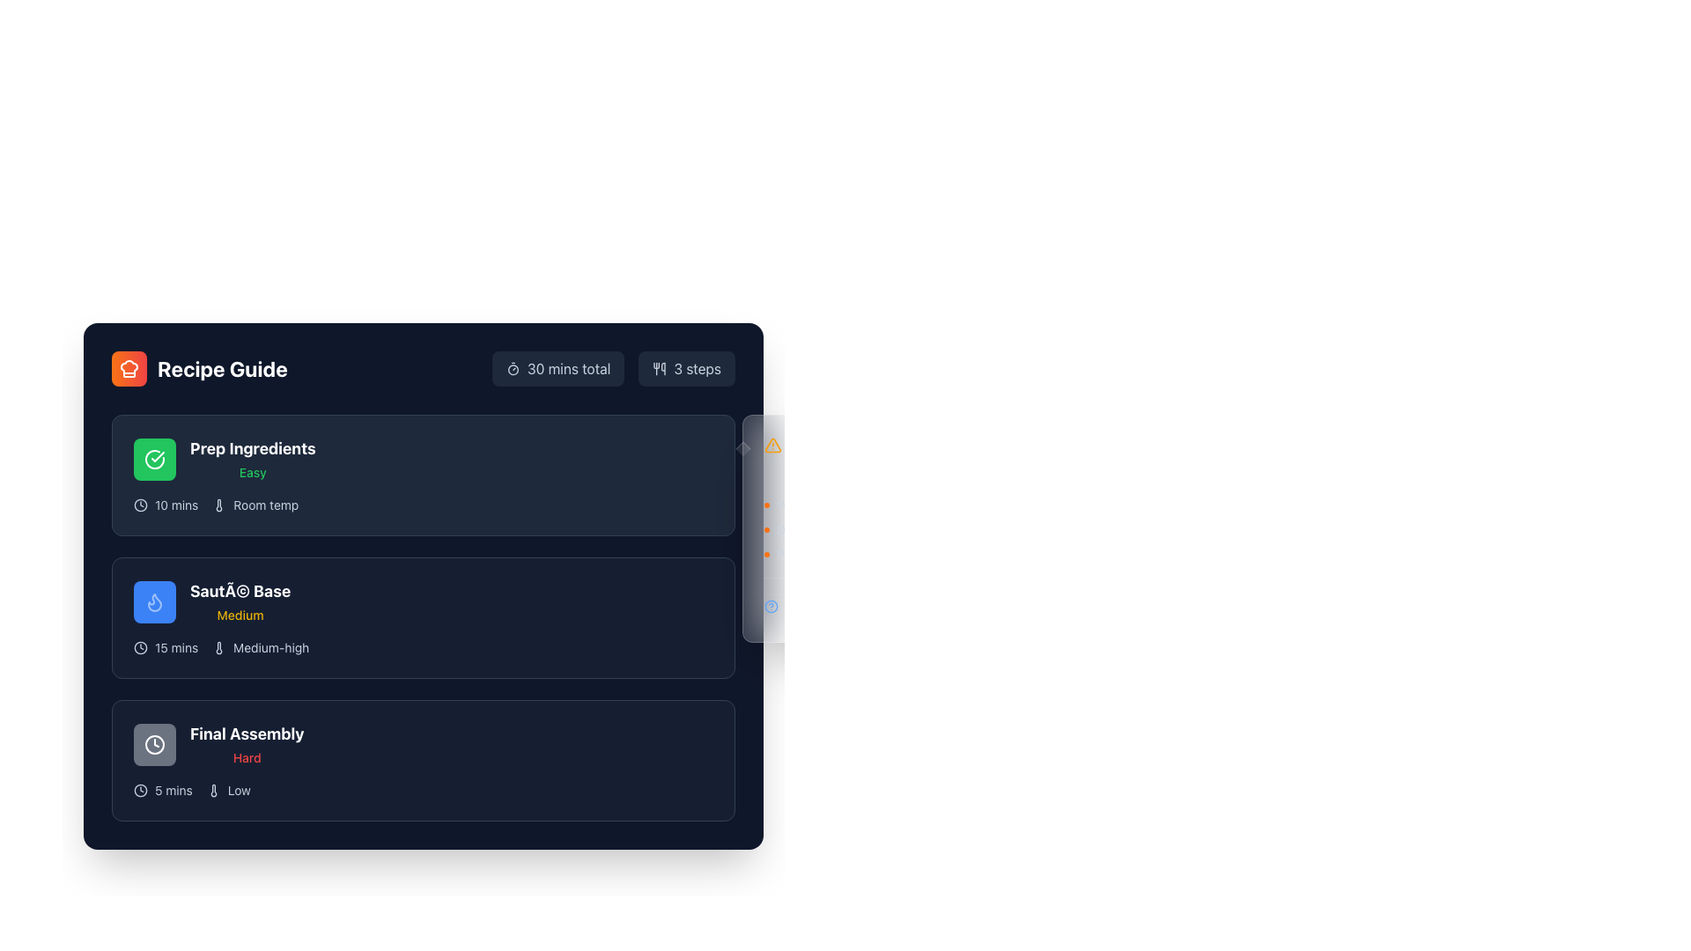 This screenshot has height=951, width=1691. I want to click on the circular green icon with a white checkmark inside, located to the left of the 'Prep Ingredients' step title in the first step of the recipe guide, so click(155, 458).